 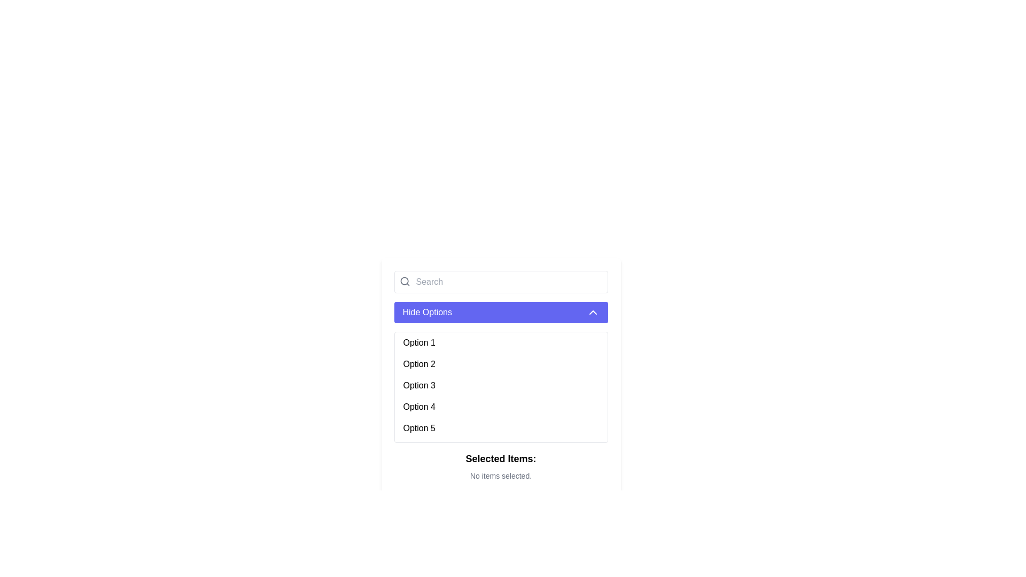 What do you see at coordinates (500, 342) in the screenshot?
I see `the list item labeled 'Option 1' in the dropdown menu` at bounding box center [500, 342].